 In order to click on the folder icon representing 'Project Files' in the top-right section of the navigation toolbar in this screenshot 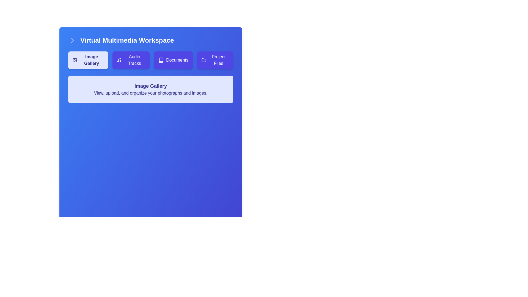, I will do `click(204, 60)`.